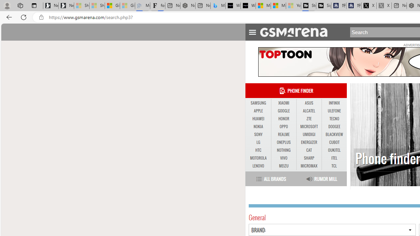 This screenshot has height=236, width=420. Describe the element at coordinates (308, 134) in the screenshot. I see `'UMIDIGI'` at that location.